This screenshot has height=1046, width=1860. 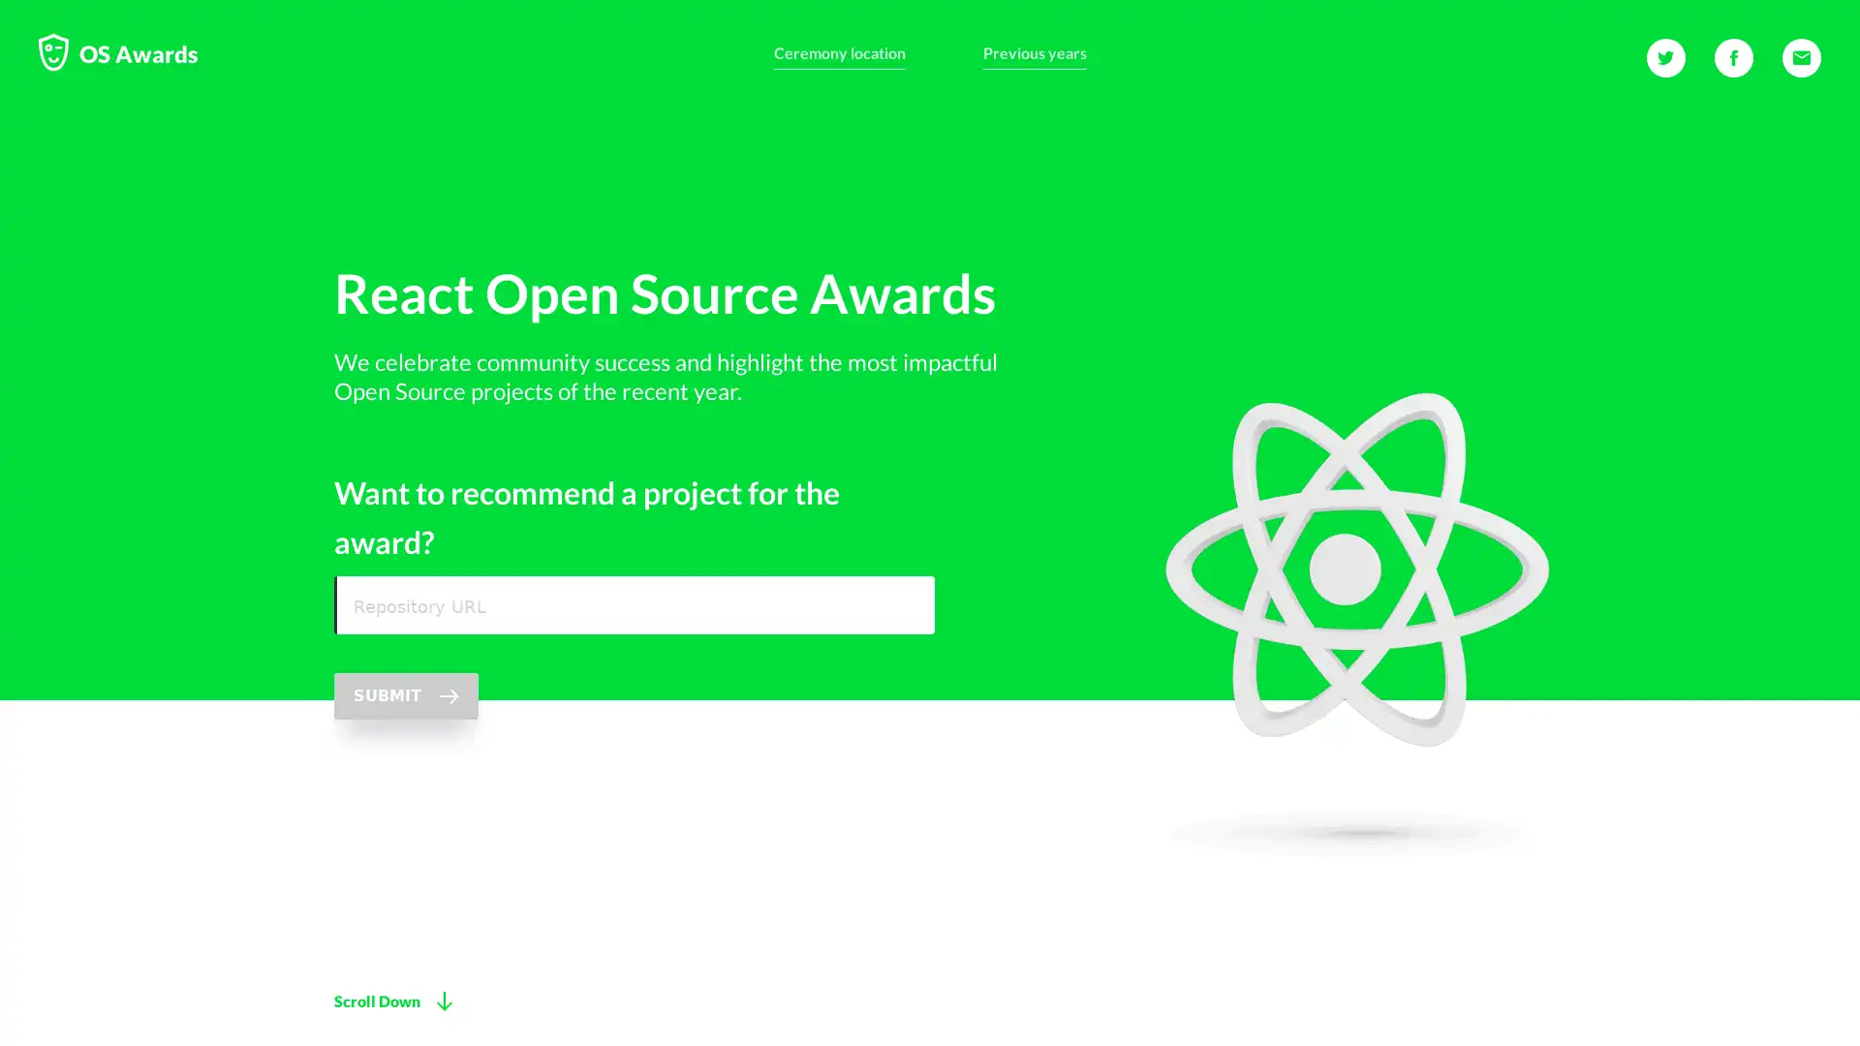 I want to click on SUBMIT, so click(x=405, y=694).